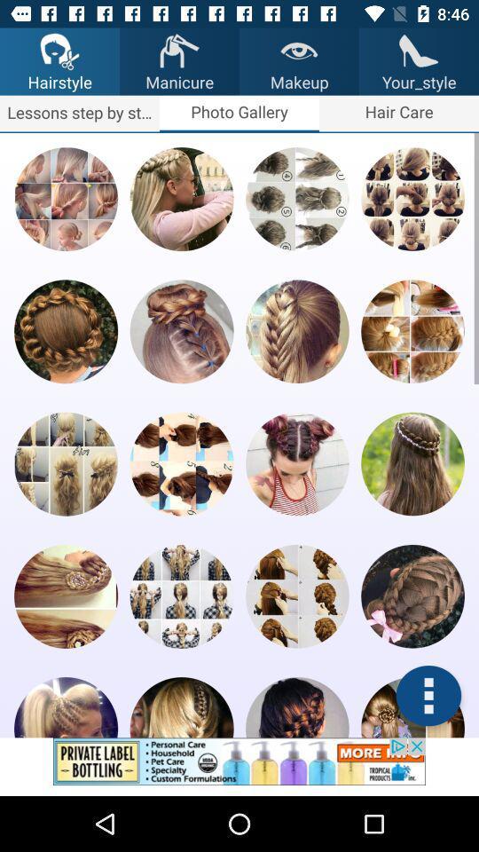 The width and height of the screenshot is (479, 852). I want to click on hair style, so click(65, 707).